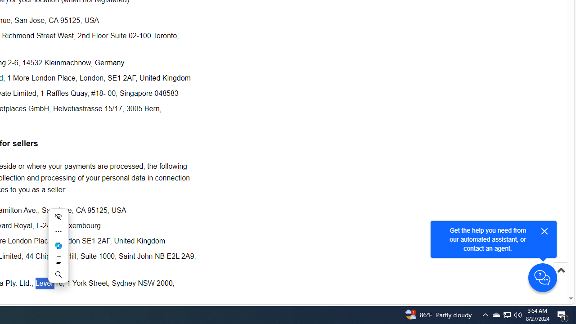  What do you see at coordinates (58, 231) in the screenshot?
I see `'More actions'` at bounding box center [58, 231].